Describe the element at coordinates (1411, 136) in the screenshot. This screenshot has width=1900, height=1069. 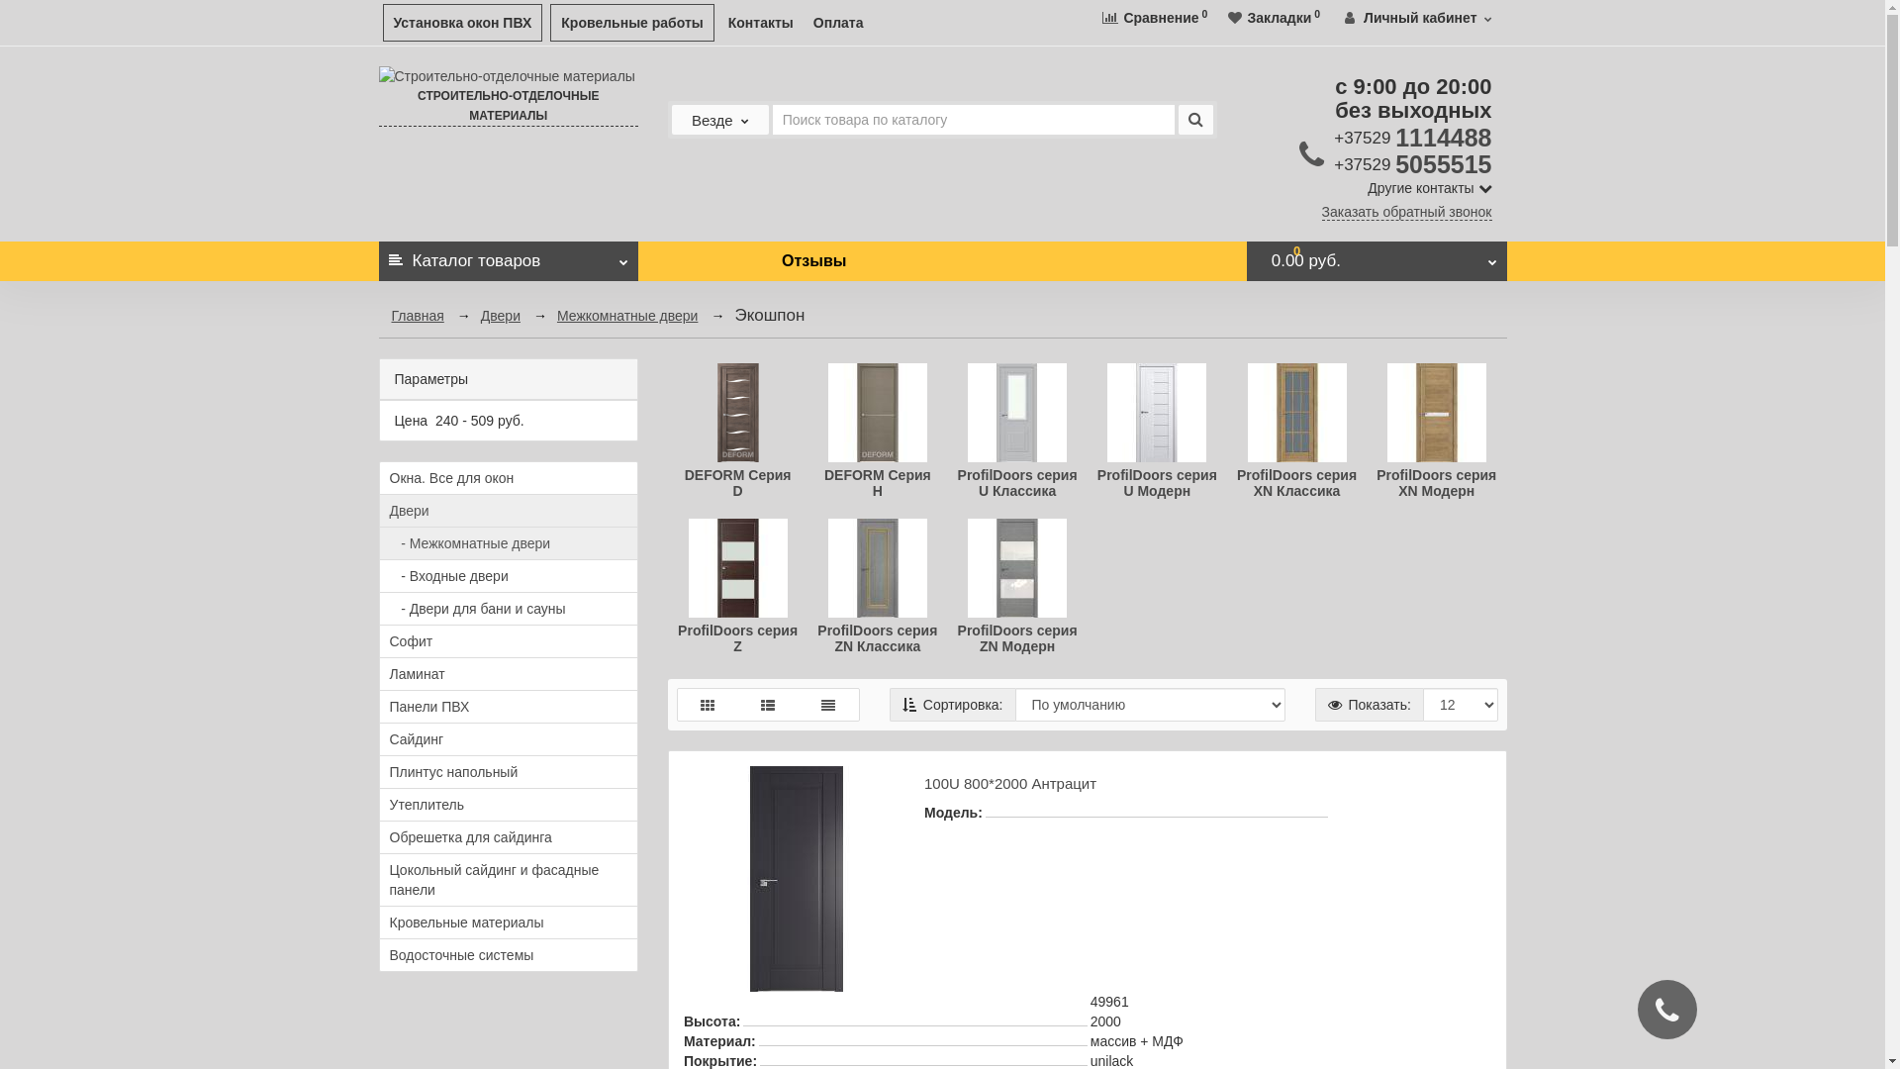
I see `'+37529 1114488'` at that location.